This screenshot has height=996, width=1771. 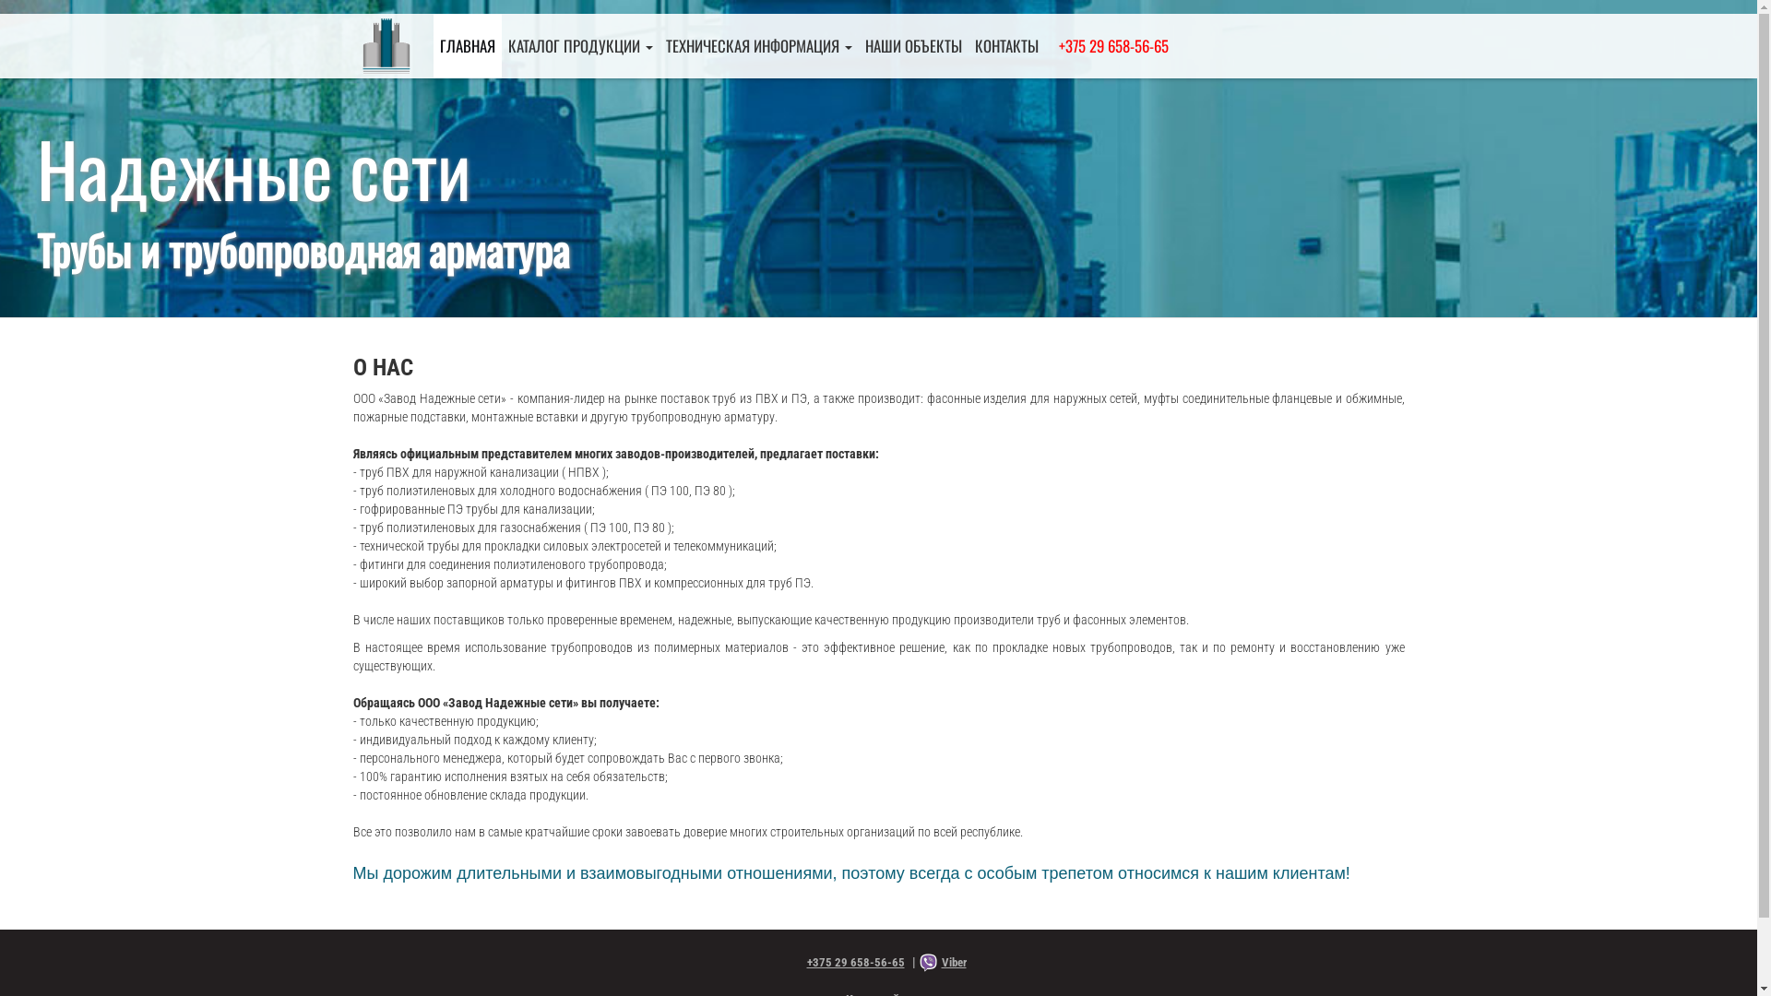 What do you see at coordinates (847, 961) in the screenshot?
I see `'+375 29 658-56-65'` at bounding box center [847, 961].